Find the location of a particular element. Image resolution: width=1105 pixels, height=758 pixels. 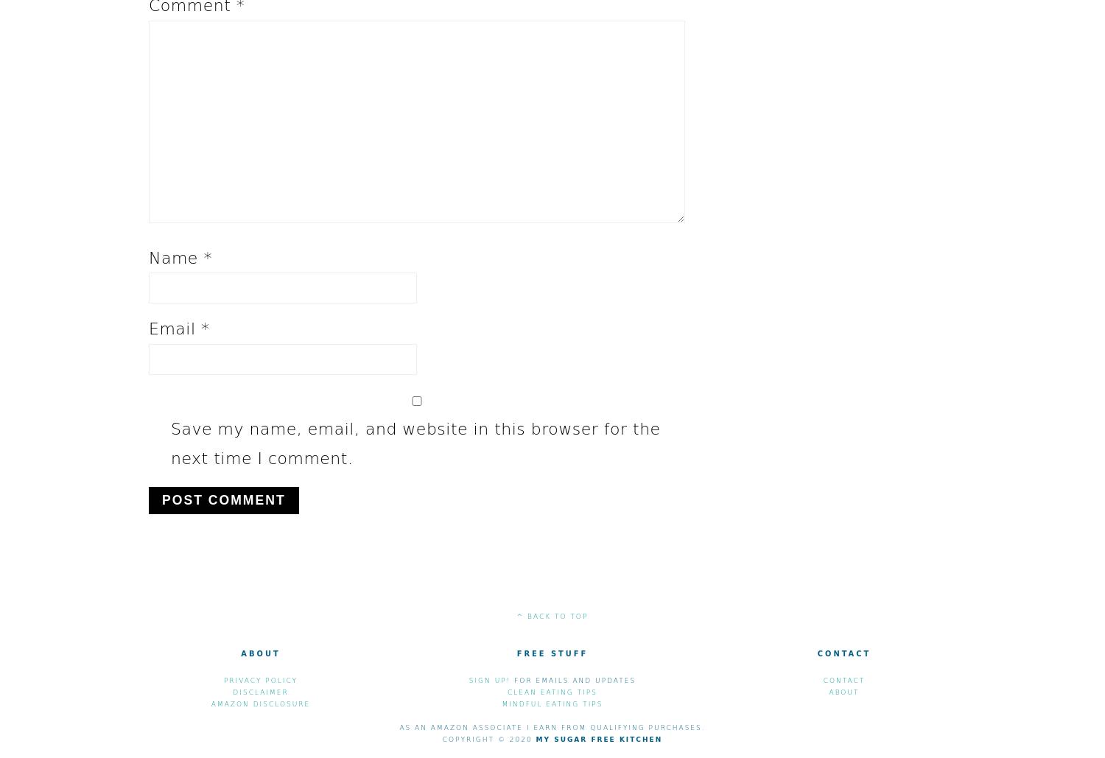

'Free Stuff' is located at coordinates (551, 653).